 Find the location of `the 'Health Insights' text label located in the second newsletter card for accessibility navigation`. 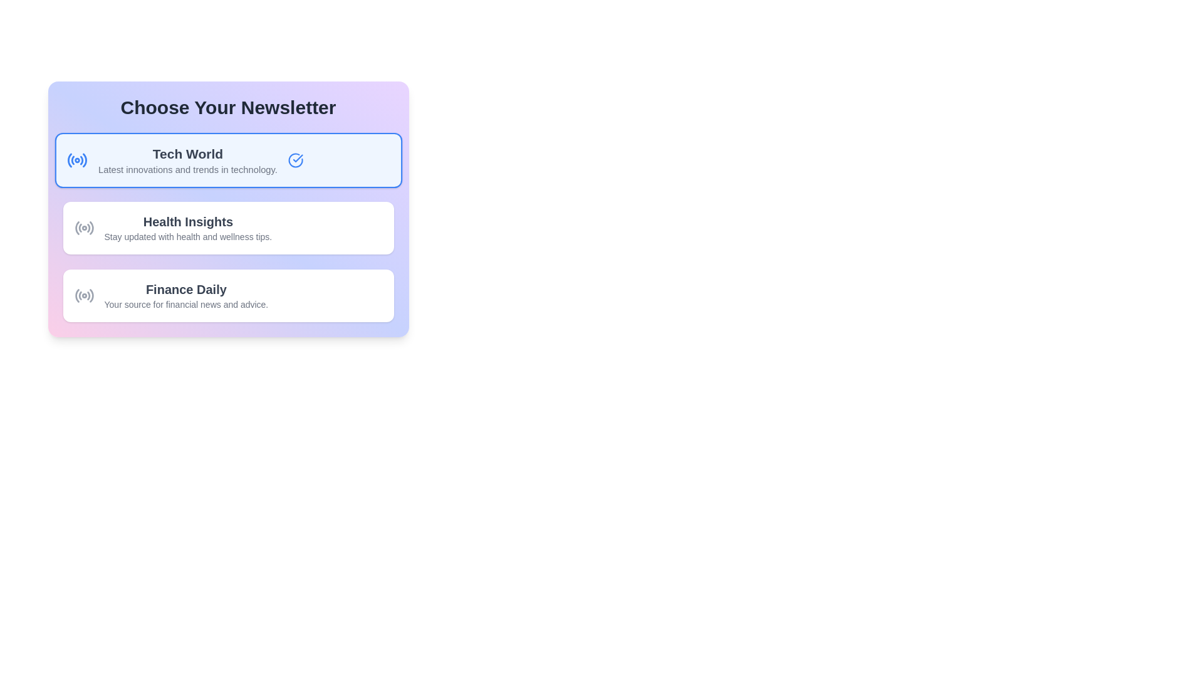

the 'Health Insights' text label located in the second newsletter card for accessibility navigation is located at coordinates (187, 221).